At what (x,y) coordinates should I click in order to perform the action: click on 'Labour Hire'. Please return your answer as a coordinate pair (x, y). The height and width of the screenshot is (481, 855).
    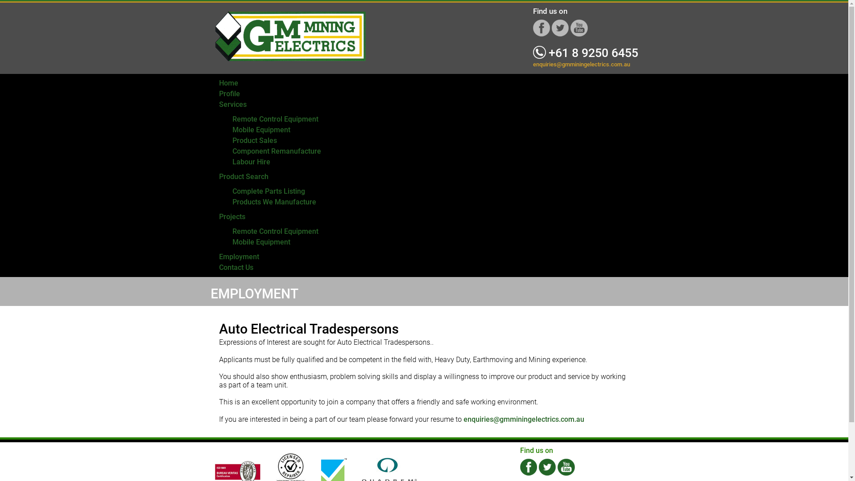
    Looking at the image, I should click on (251, 162).